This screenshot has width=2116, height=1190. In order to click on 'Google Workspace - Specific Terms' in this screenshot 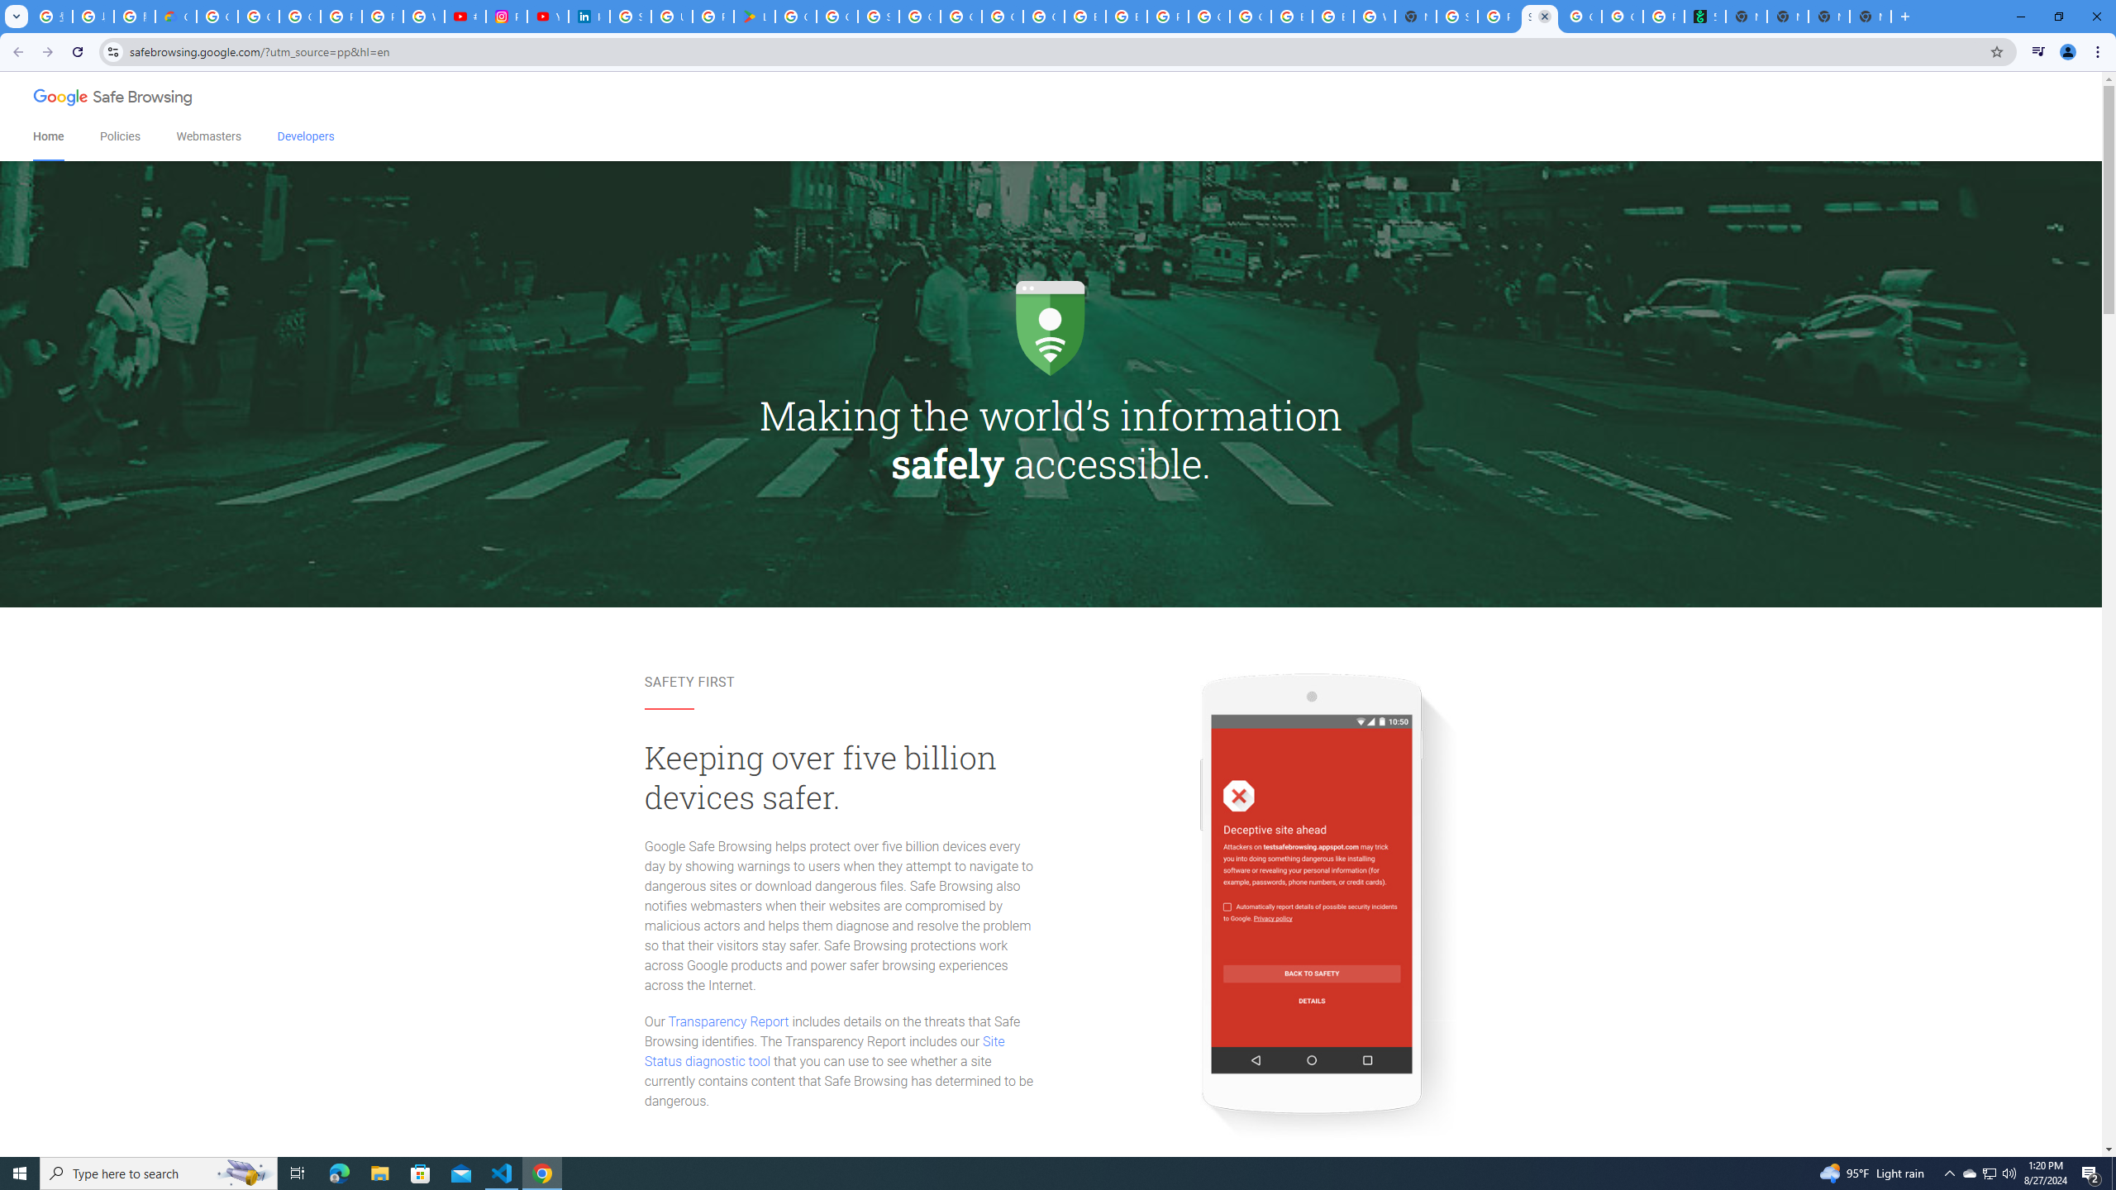, I will do `click(836, 16)`.